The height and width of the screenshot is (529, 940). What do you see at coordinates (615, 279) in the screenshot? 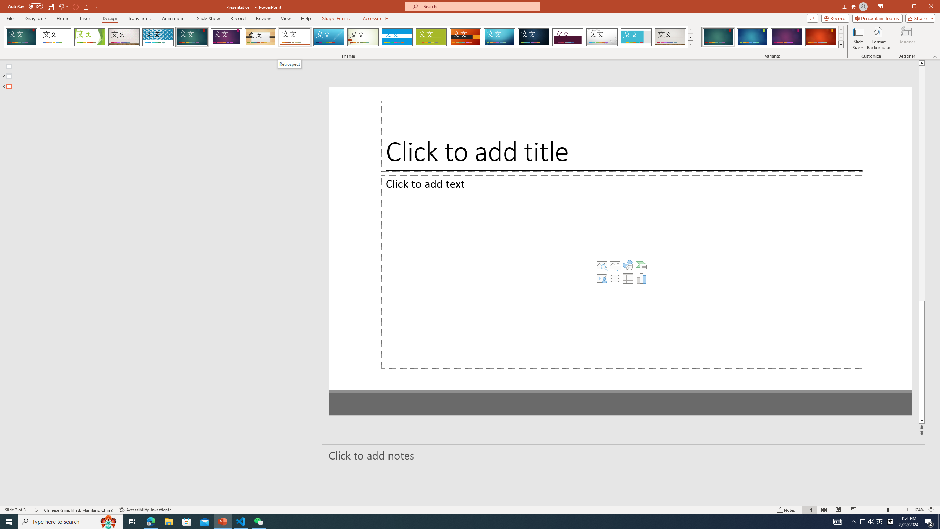
I see `'Insert a SmartArt Graphic'` at bounding box center [615, 279].